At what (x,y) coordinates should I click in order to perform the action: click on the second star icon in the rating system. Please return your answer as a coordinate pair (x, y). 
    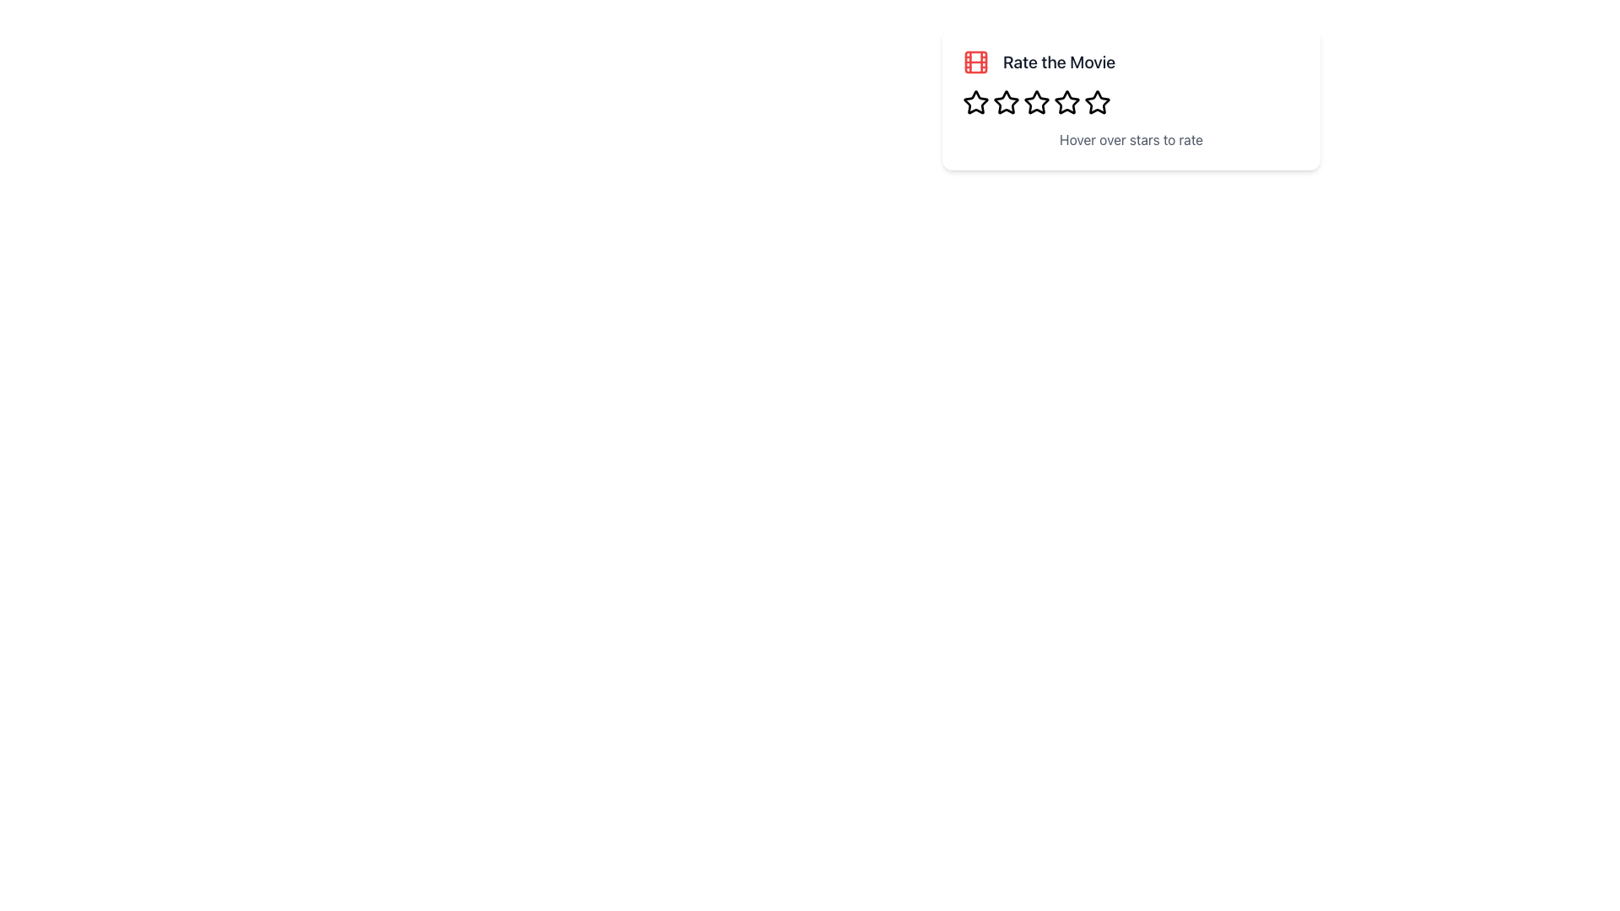
    Looking at the image, I should click on (1005, 101).